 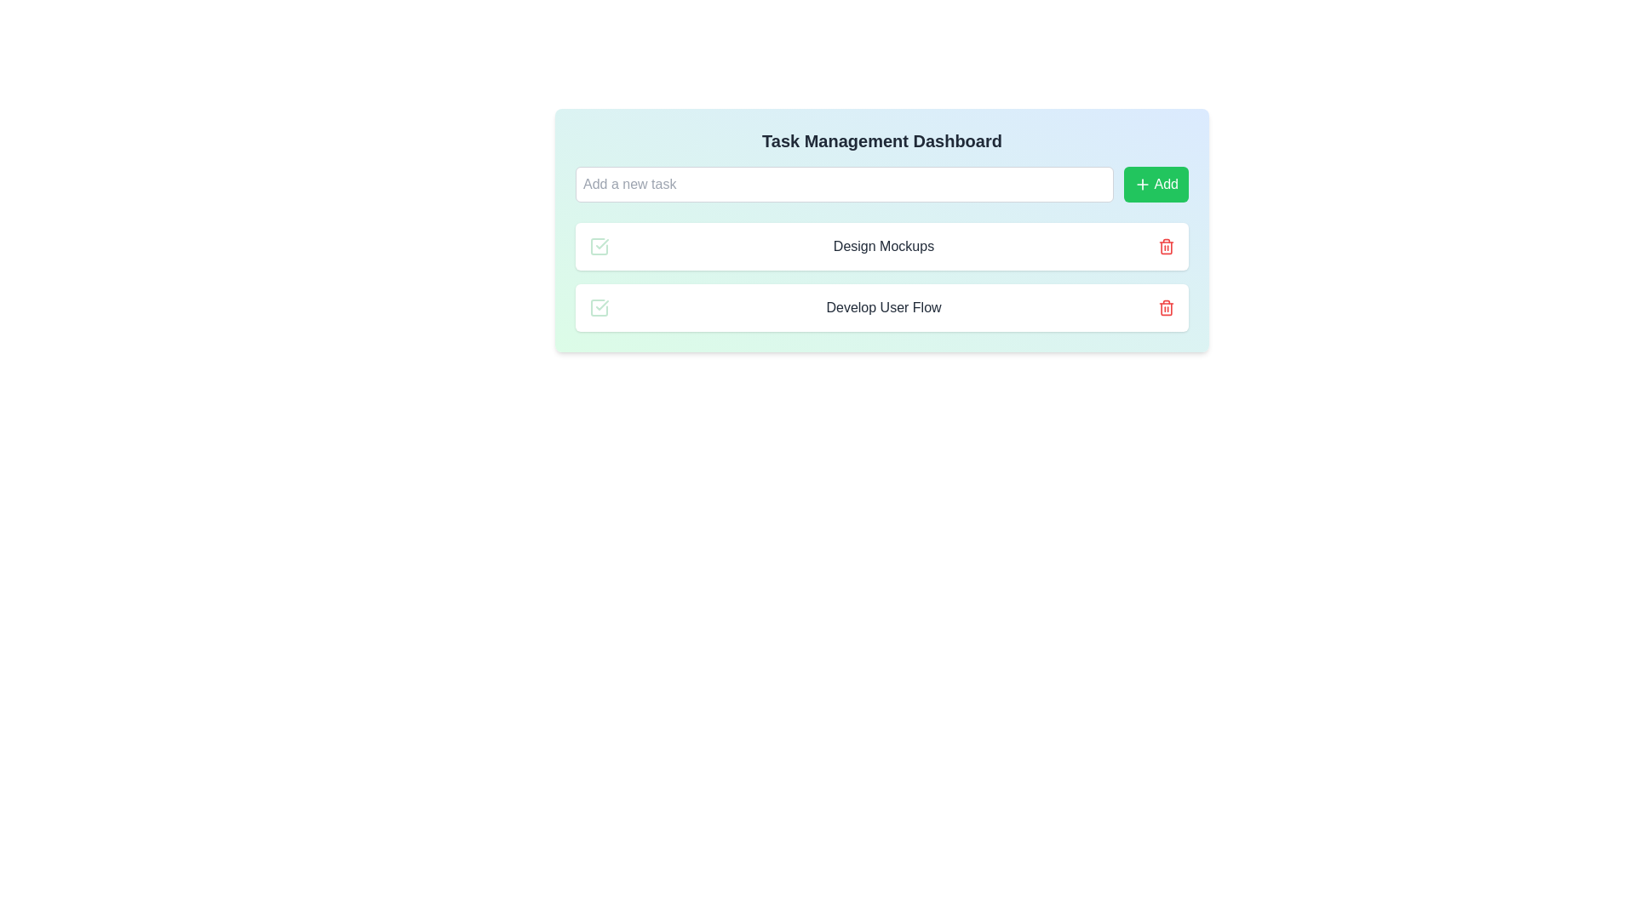 I want to click on the delete button for the 'Develop User Flow' task, so click(x=1165, y=308).